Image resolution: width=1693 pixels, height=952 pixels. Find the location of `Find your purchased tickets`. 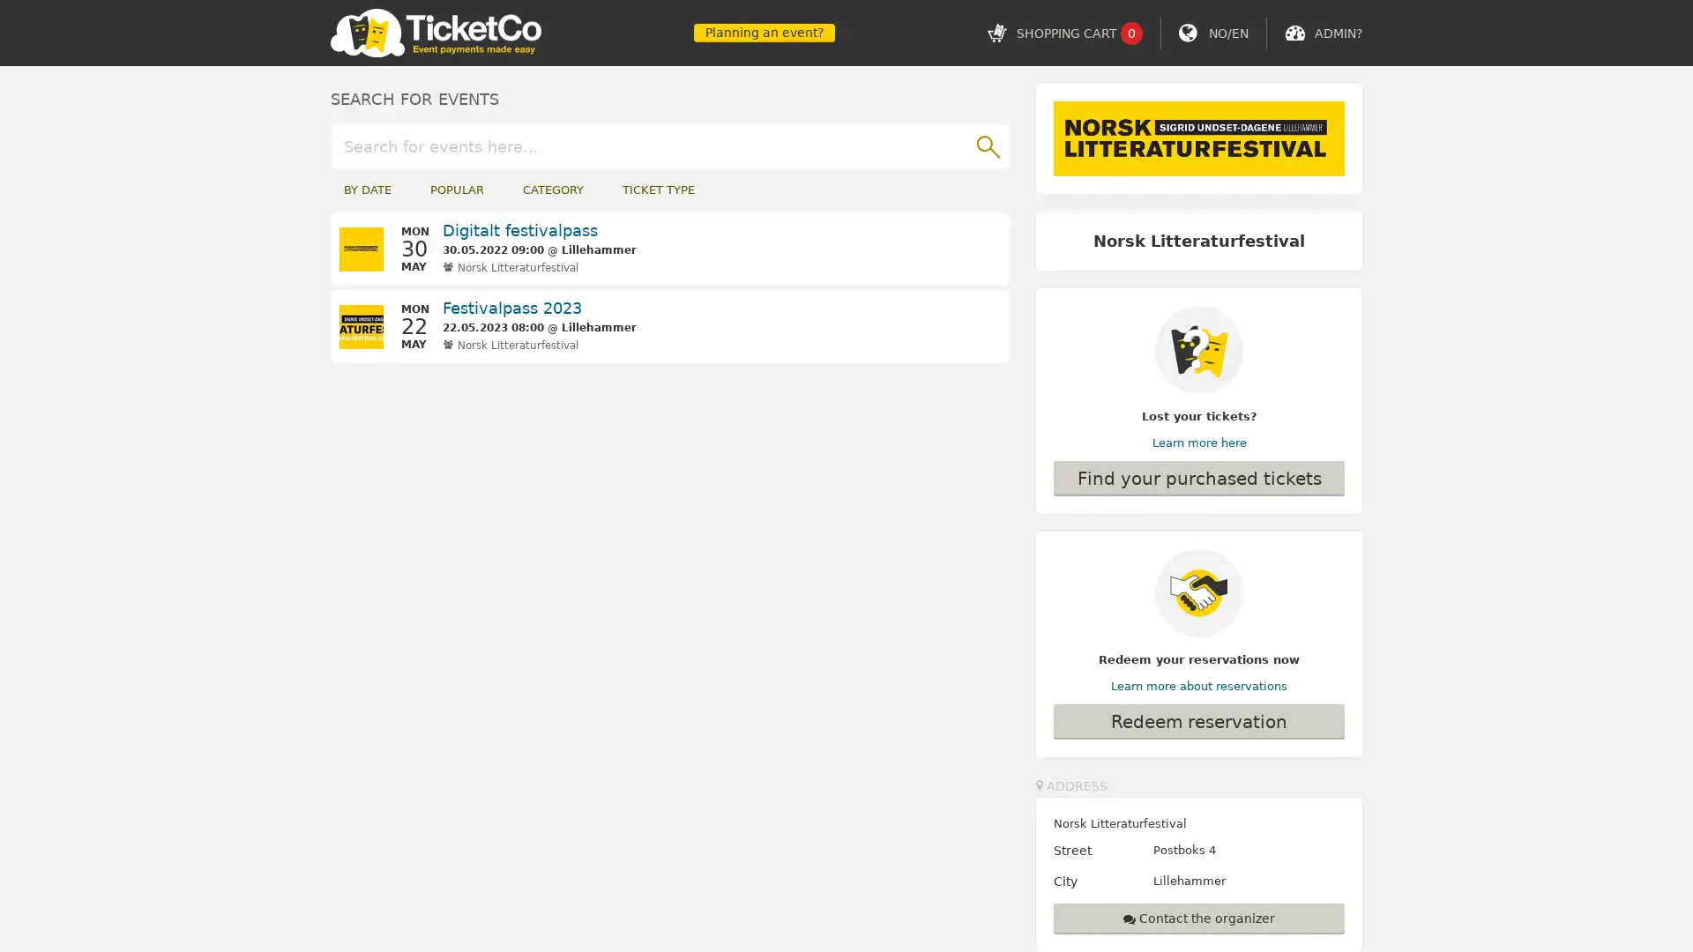

Find your purchased tickets is located at coordinates (1198, 478).